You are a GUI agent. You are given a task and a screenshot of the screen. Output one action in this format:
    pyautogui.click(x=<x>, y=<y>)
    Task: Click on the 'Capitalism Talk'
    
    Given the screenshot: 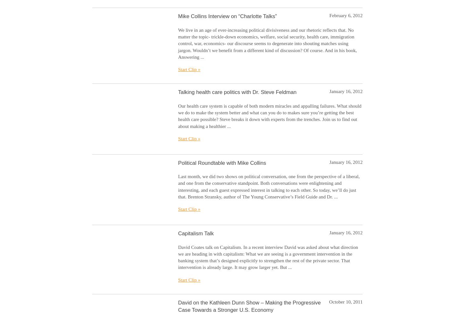 What is the action you would take?
    pyautogui.click(x=178, y=233)
    